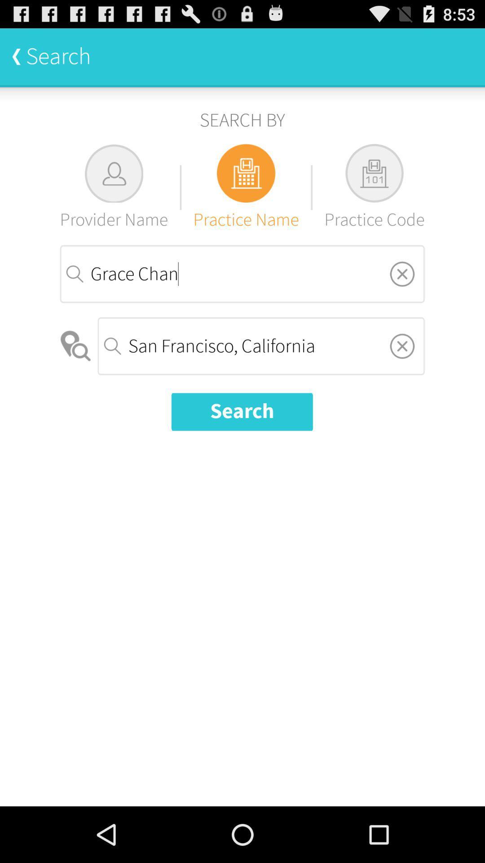  Describe the element at coordinates (76, 346) in the screenshot. I see `the icon below the grace chan` at that location.